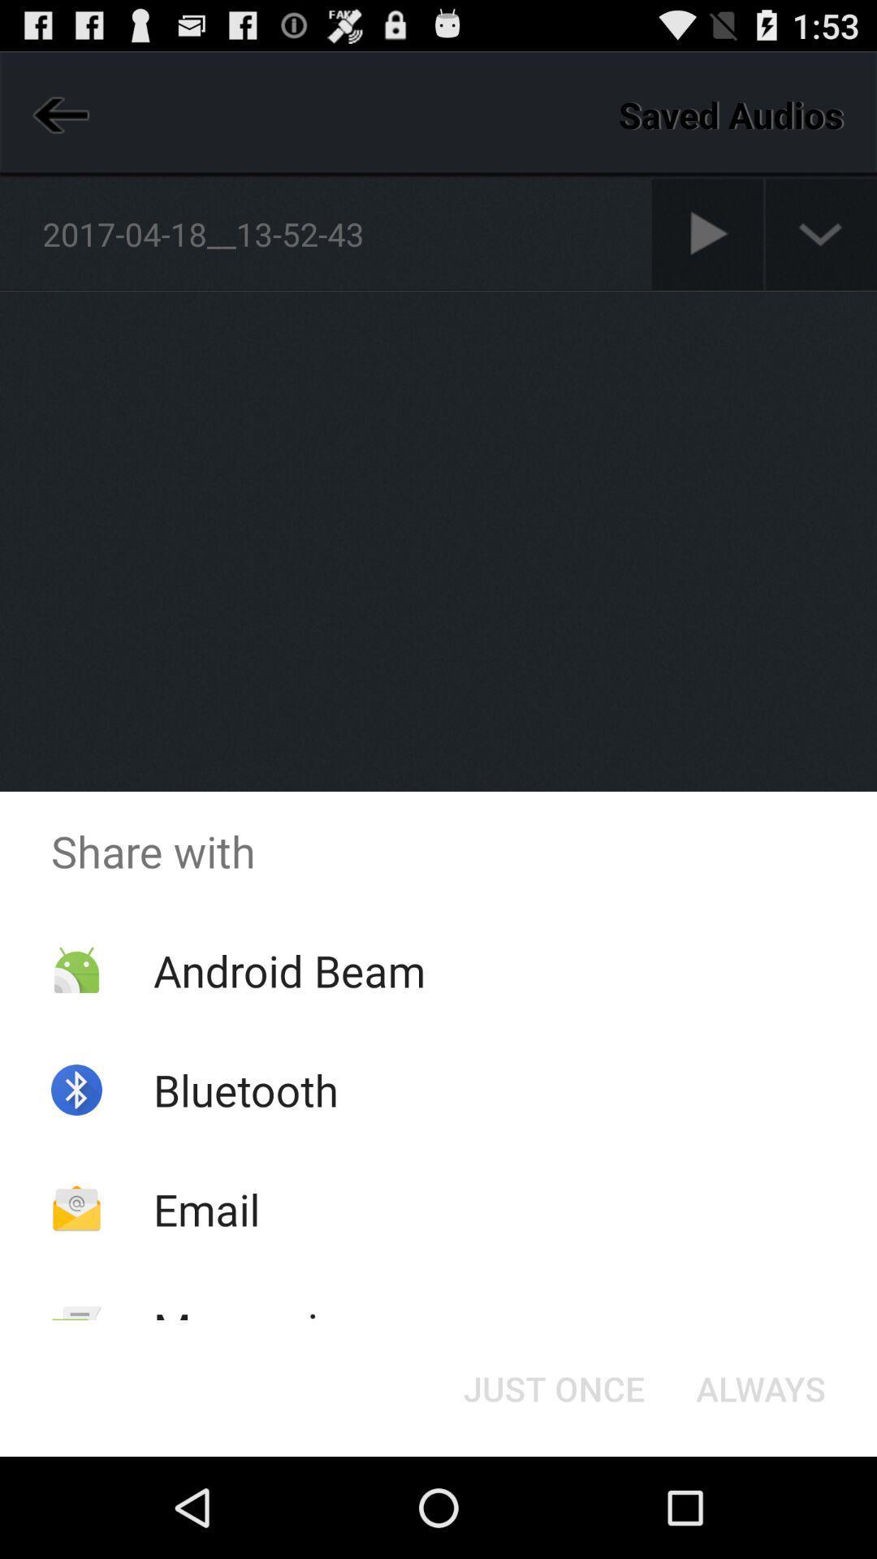 Image resolution: width=877 pixels, height=1559 pixels. I want to click on just once, so click(553, 1387).